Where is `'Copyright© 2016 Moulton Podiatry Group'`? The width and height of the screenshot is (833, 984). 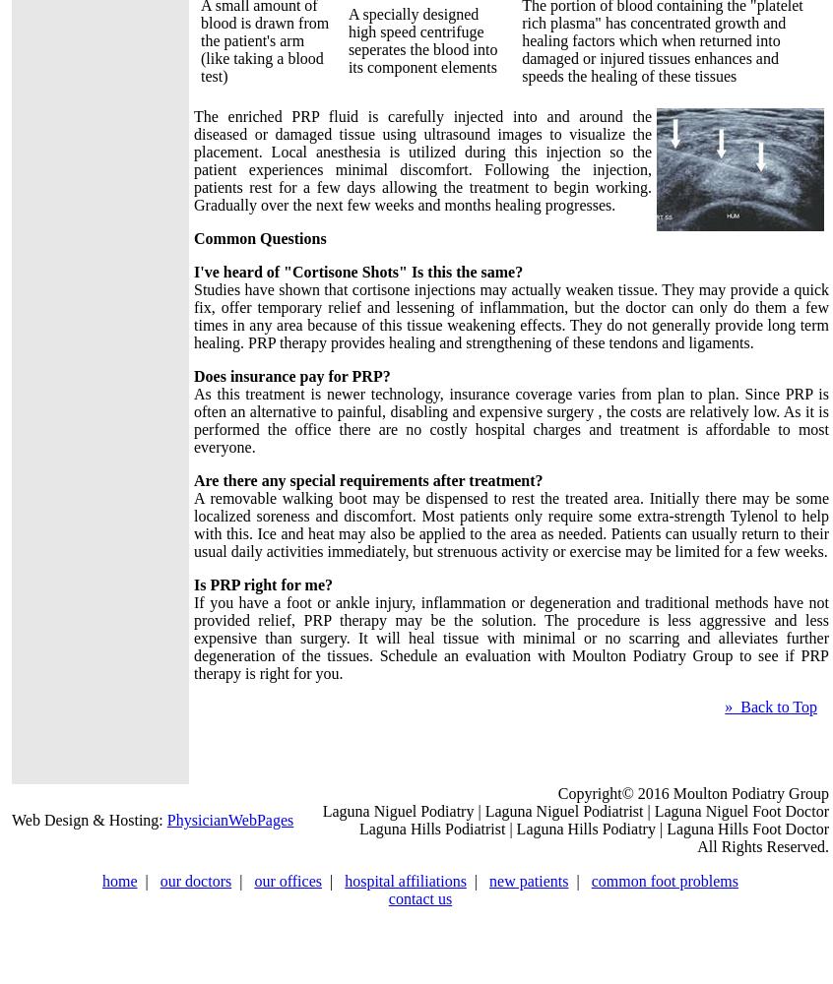
'Copyright© 2016 Moulton Podiatry Group' is located at coordinates (555, 793).